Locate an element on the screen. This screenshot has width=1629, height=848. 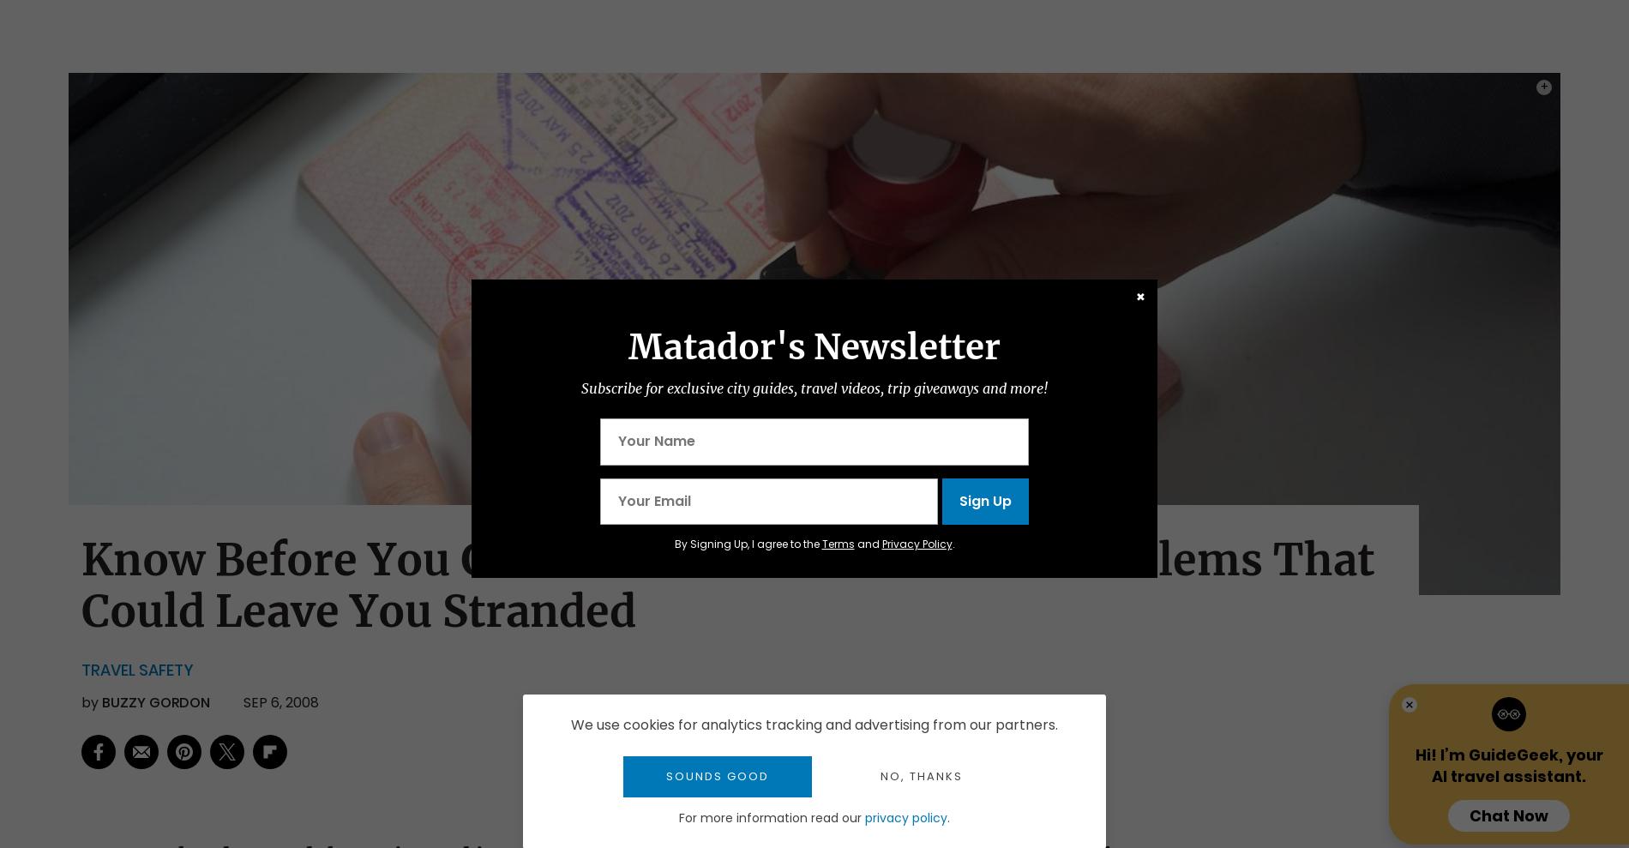
'Subscribe for exclusive city guides, travel videos, trip giveaways and more!' is located at coordinates (814, 387).